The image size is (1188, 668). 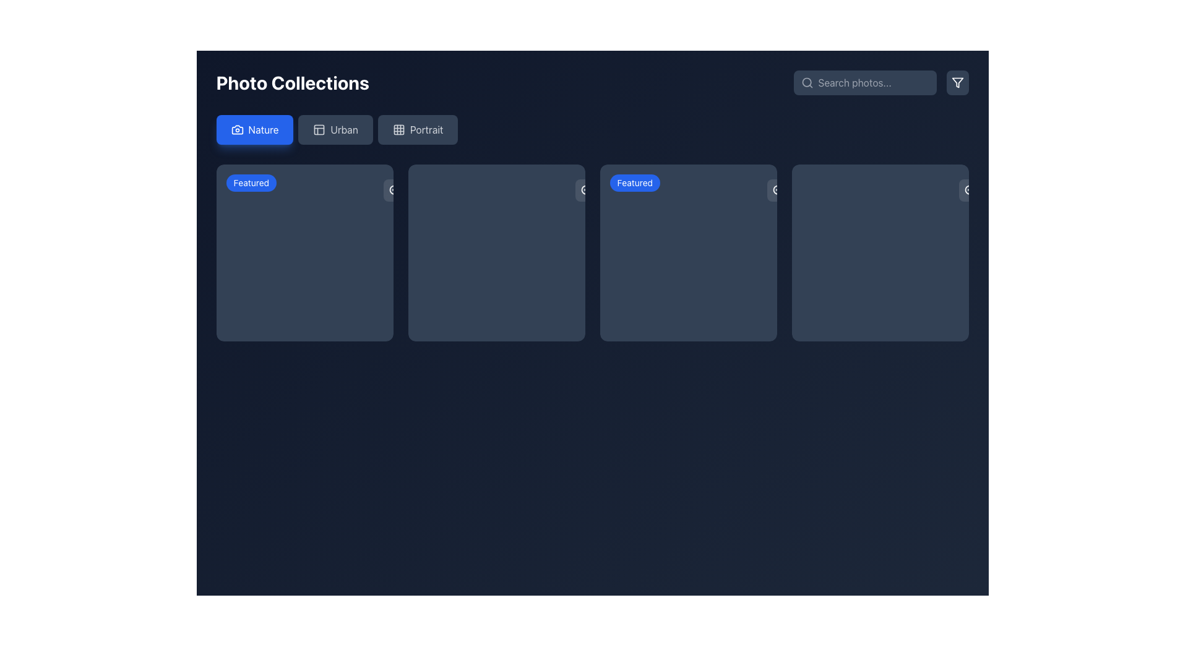 What do you see at coordinates (880, 83) in the screenshot?
I see `the search input field within the Composite element that allows users to search and filter photo collections to type search queries` at bounding box center [880, 83].